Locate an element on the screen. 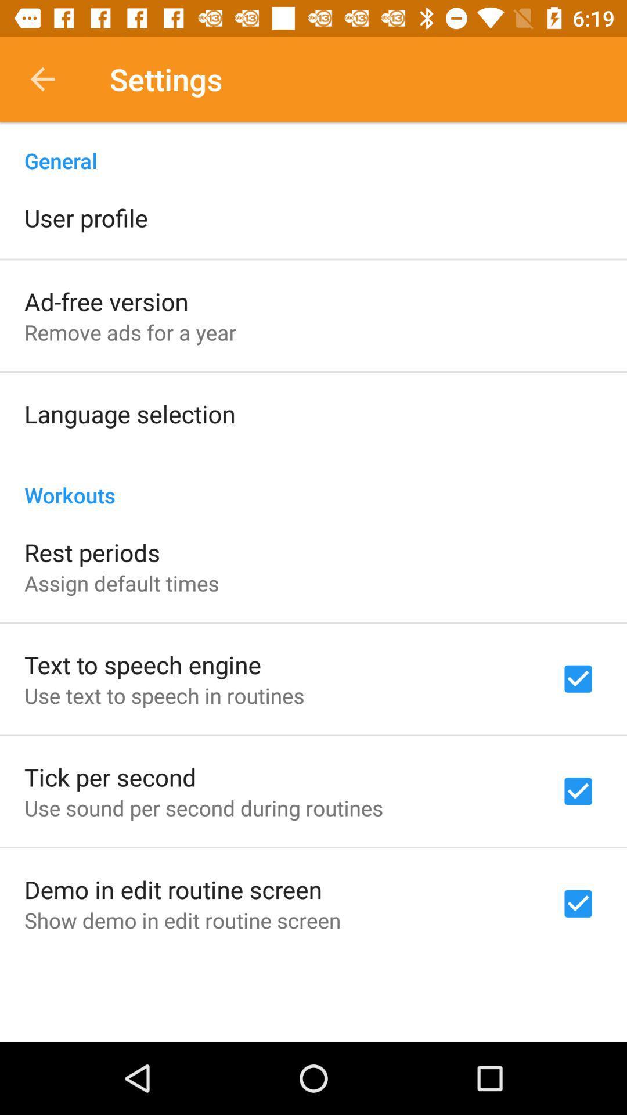  workouts icon is located at coordinates (313, 483).